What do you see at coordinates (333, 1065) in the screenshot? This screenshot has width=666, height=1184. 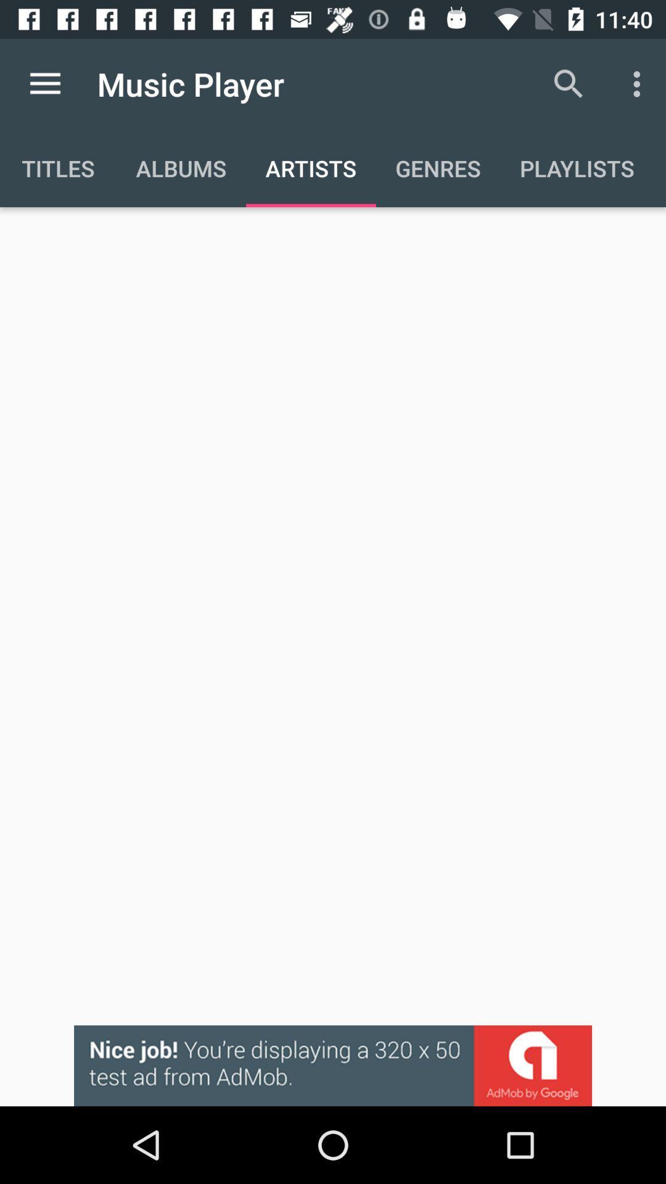 I see `advertisement` at bounding box center [333, 1065].